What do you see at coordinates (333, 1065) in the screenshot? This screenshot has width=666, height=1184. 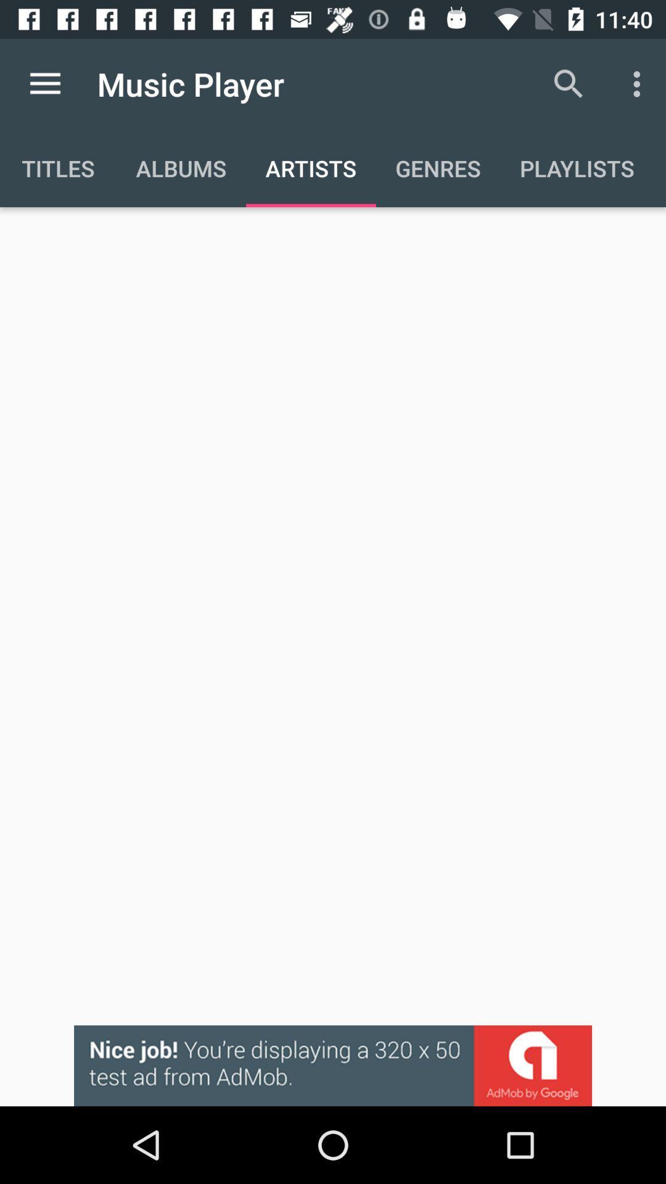 I see `advertisement` at bounding box center [333, 1065].